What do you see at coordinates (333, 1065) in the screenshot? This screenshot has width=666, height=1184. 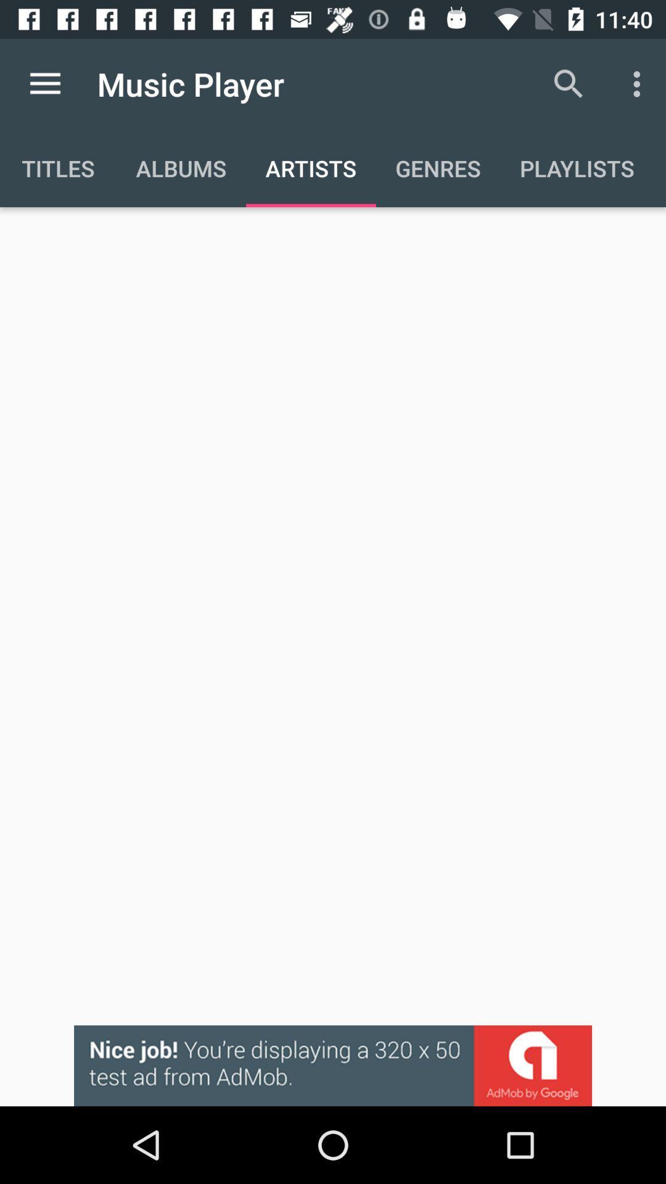 I see `advertisement` at bounding box center [333, 1065].